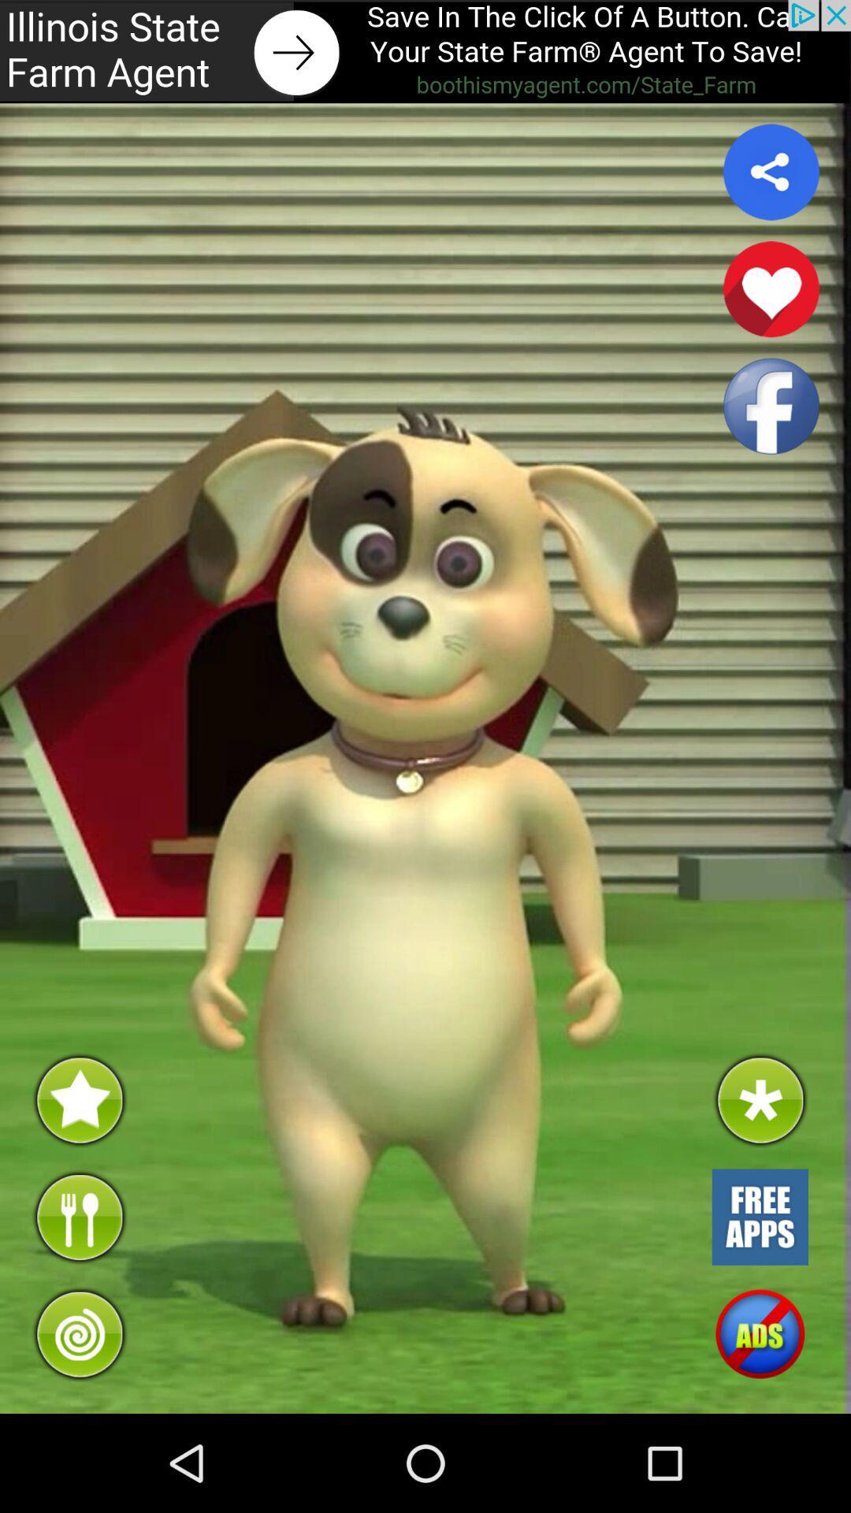 The image size is (851, 1513). What do you see at coordinates (759, 1216) in the screenshot?
I see `advertising` at bounding box center [759, 1216].